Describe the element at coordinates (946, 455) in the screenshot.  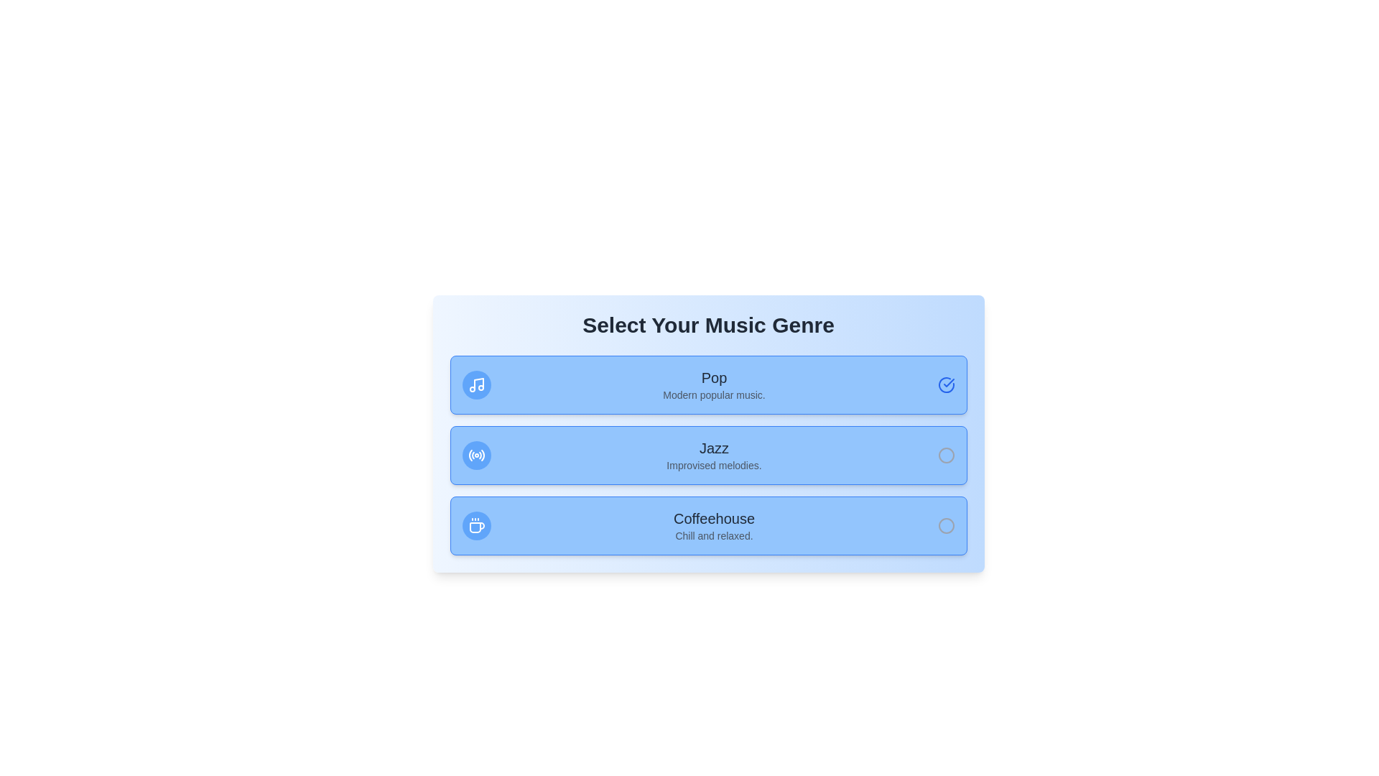
I see `the circular icon with a thin gray outline and transparent fill located in the 'Jazz' option of the music genres list to possibly trigger a tooltip` at that location.